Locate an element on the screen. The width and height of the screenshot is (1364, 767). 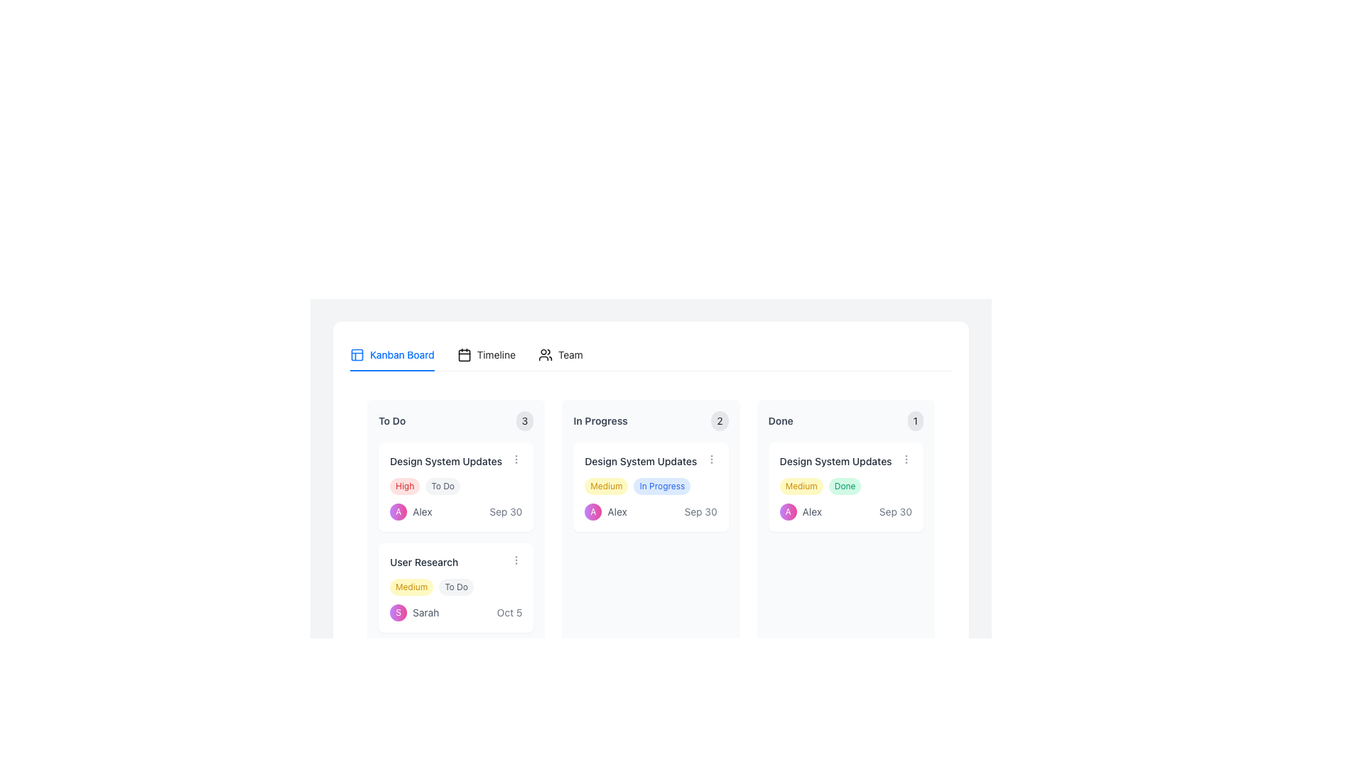
the filled rectangular shape representing the calendar section of the SVG icon located in the navigation area, which is identifiable as part of a calendar icon is located at coordinates (464, 354).